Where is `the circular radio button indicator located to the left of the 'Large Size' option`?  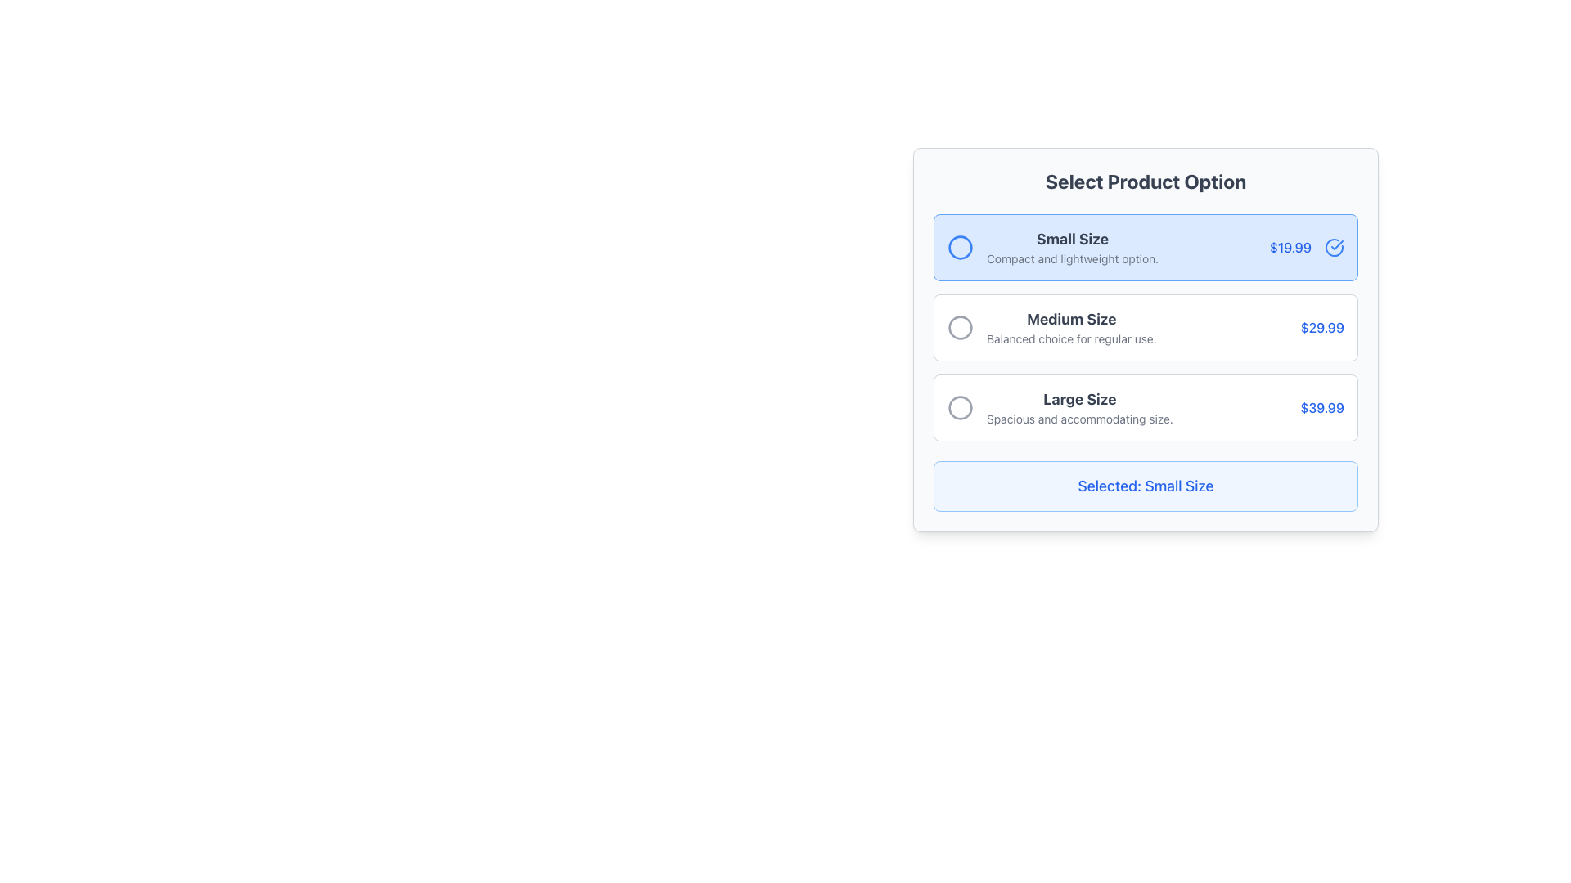 the circular radio button indicator located to the left of the 'Large Size' option is located at coordinates (961, 406).